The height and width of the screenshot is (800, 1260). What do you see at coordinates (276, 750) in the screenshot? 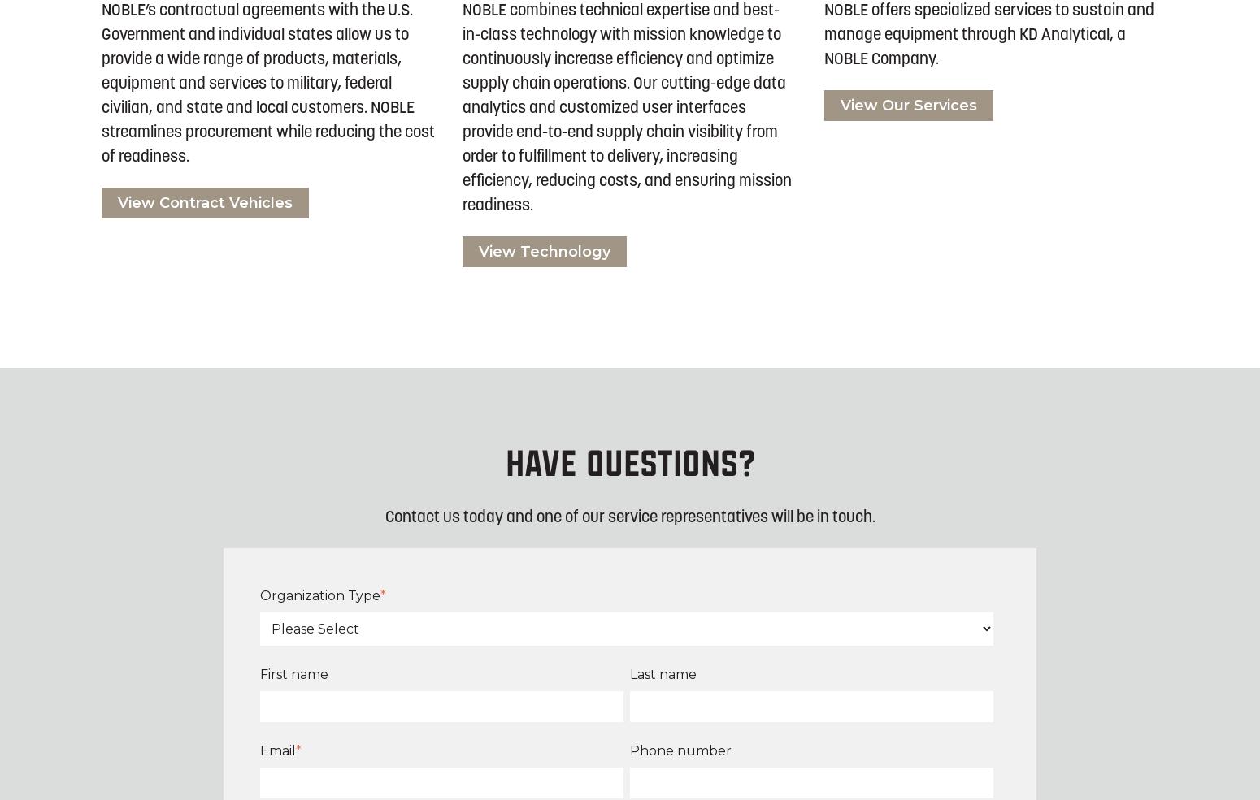
I see `'Email'` at bounding box center [276, 750].